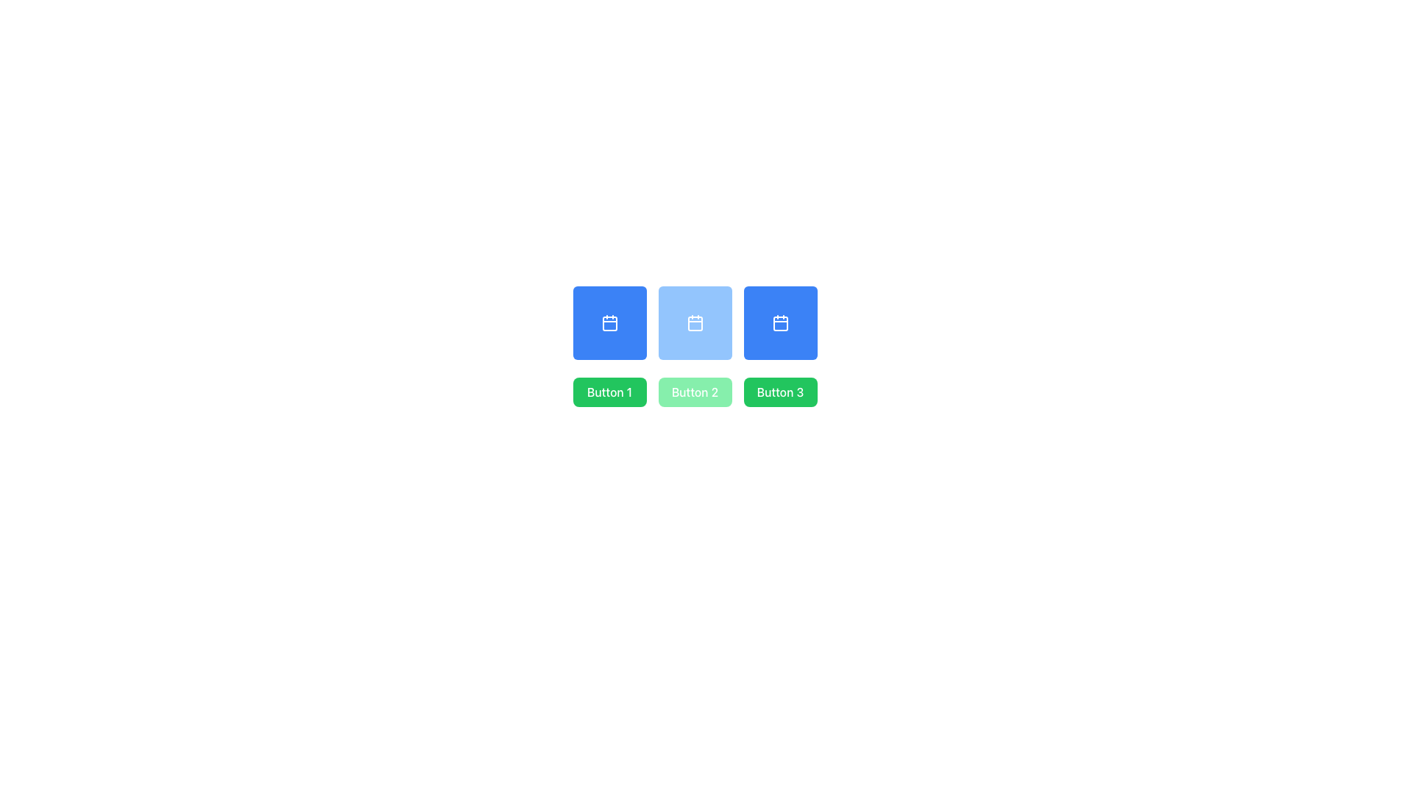 Image resolution: width=1413 pixels, height=795 pixels. What do you see at coordinates (779, 391) in the screenshot?
I see `the rectangular button labeled 'Button 3' with a green background to observe the color change` at bounding box center [779, 391].